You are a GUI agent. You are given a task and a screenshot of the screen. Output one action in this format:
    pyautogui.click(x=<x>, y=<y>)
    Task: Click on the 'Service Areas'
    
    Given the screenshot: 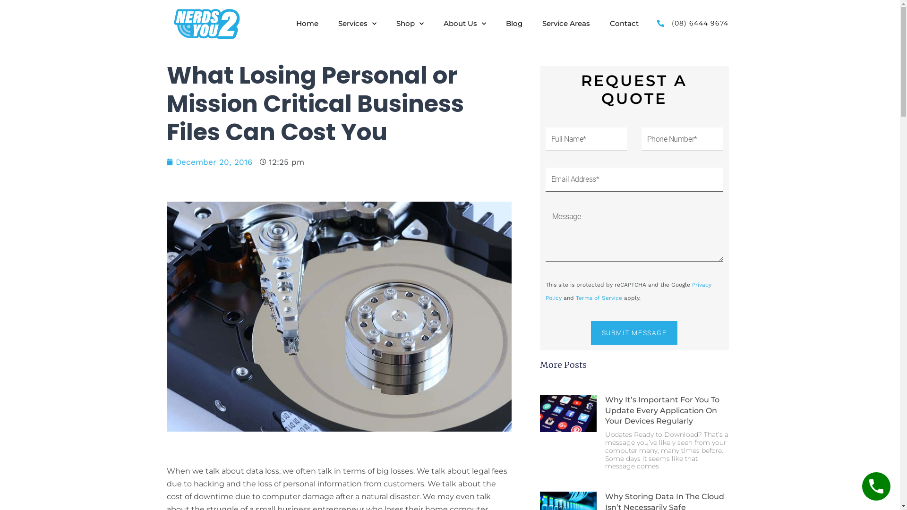 What is the action you would take?
    pyautogui.click(x=542, y=23)
    